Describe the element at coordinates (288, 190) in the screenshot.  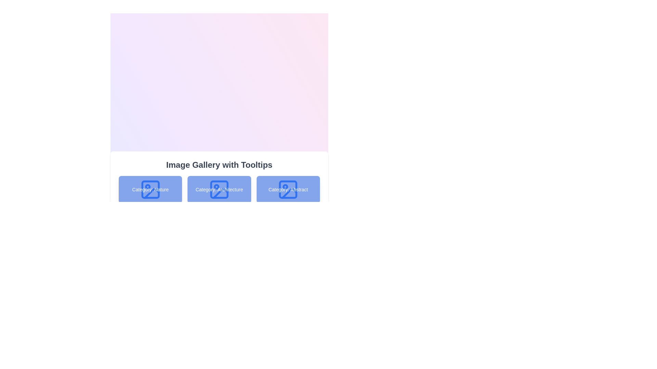
I see `the non-interactive decorative SVG rectangle with rounded corners, which is centrally positioned within the icon of the 'Category: Abstract' button located in the bottom right of the layout` at that location.